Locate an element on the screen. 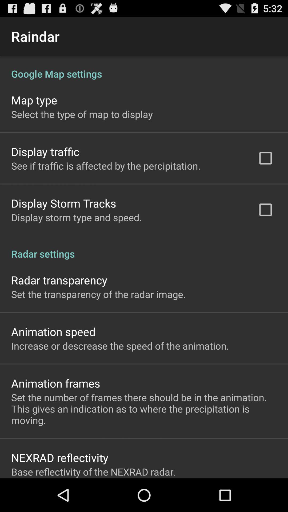  app below display traffic app is located at coordinates (106, 165).